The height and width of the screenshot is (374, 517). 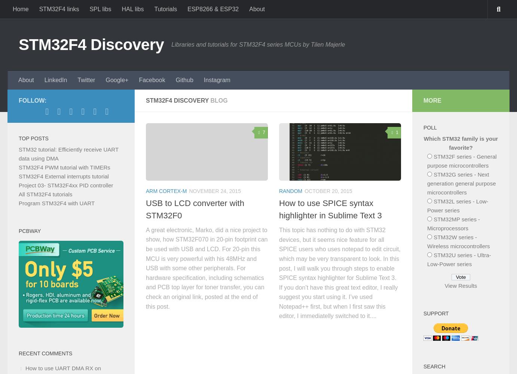 What do you see at coordinates (216, 80) in the screenshot?
I see `'Instagram'` at bounding box center [216, 80].